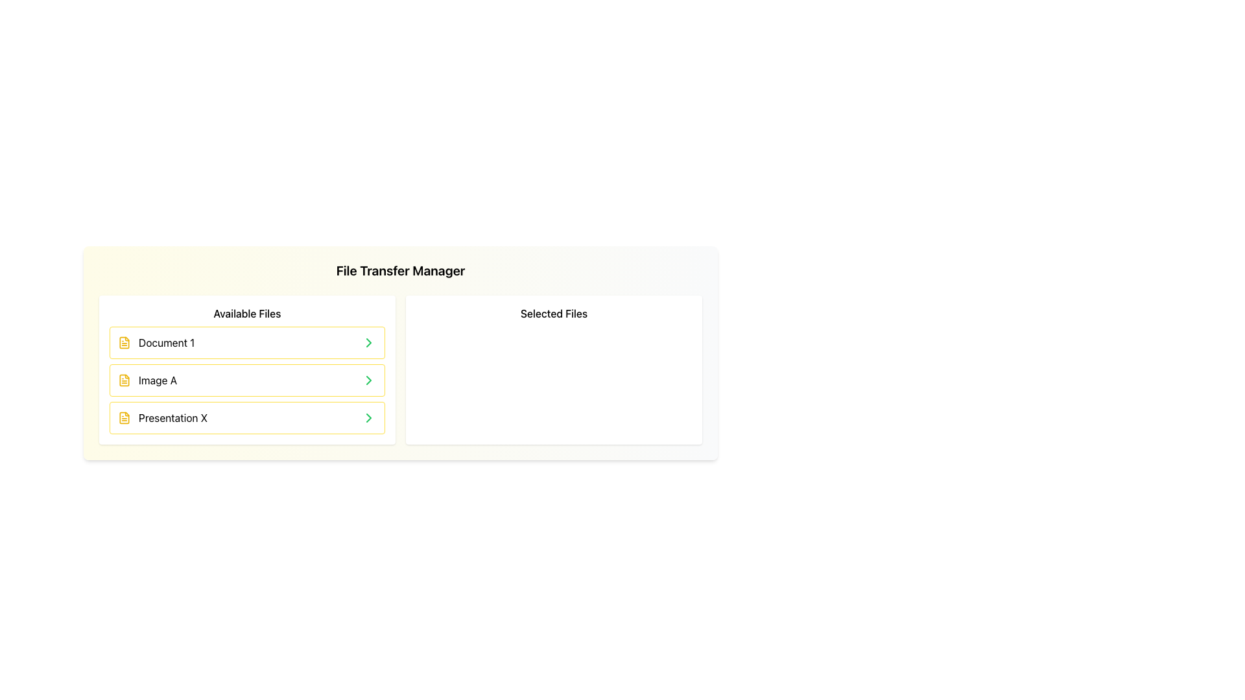 The height and width of the screenshot is (700, 1245). Describe the element at coordinates (247, 342) in the screenshot. I see `the first list item labeled 'Document 1' in the 'Available Files' section of the 'File Transfer Manager' interface` at that location.